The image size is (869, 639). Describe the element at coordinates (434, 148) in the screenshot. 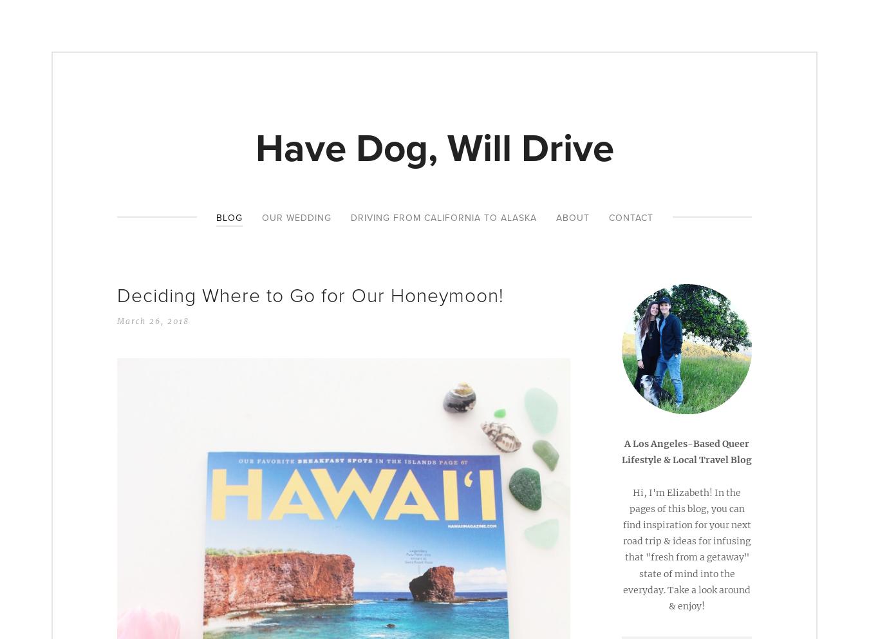

I see `'Have Dog, Will Drive'` at that location.